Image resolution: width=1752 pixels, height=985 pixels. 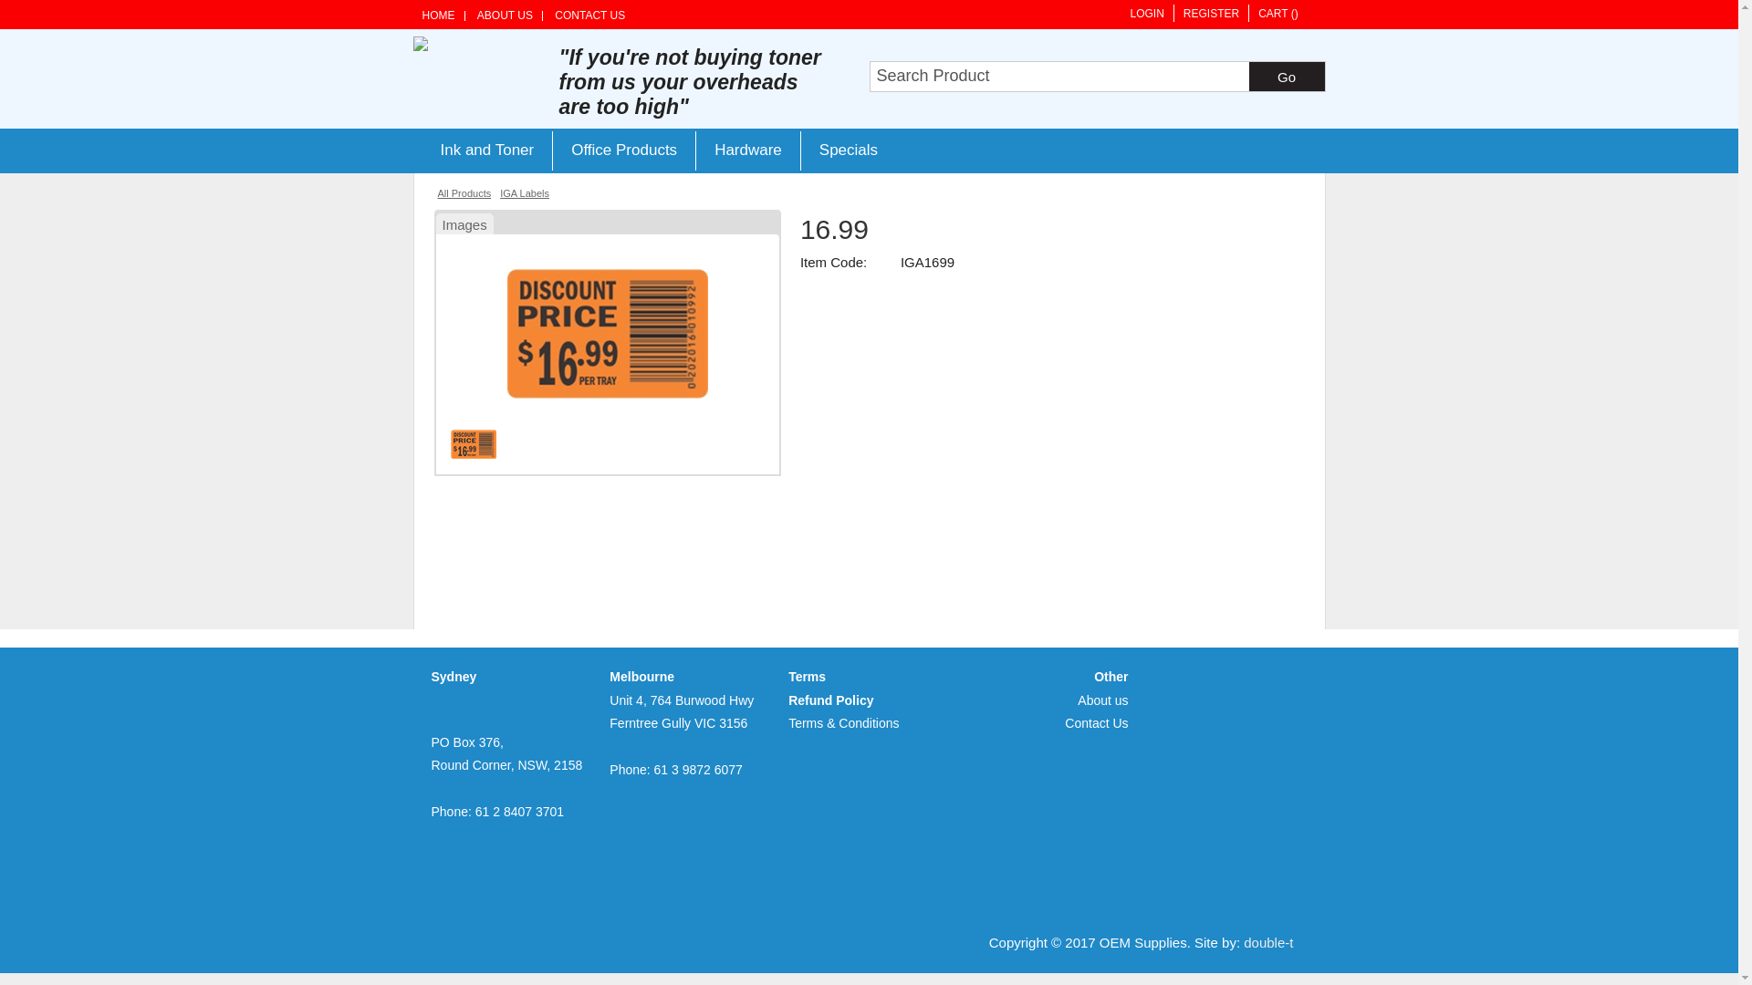 I want to click on 'double-t', so click(x=1267, y=942).